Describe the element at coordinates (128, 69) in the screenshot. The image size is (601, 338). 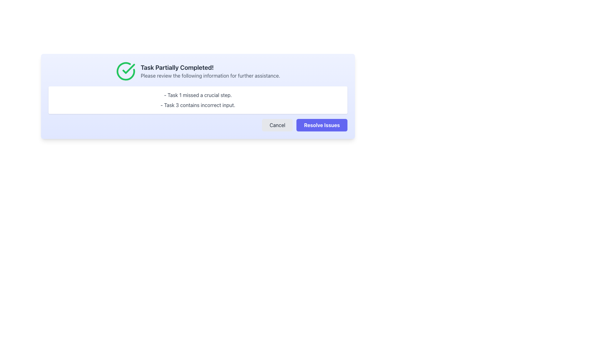
I see `the circular confirmation icon with a checkmark symbol indicating successful completion, located in the upper-left section of the interface` at that location.